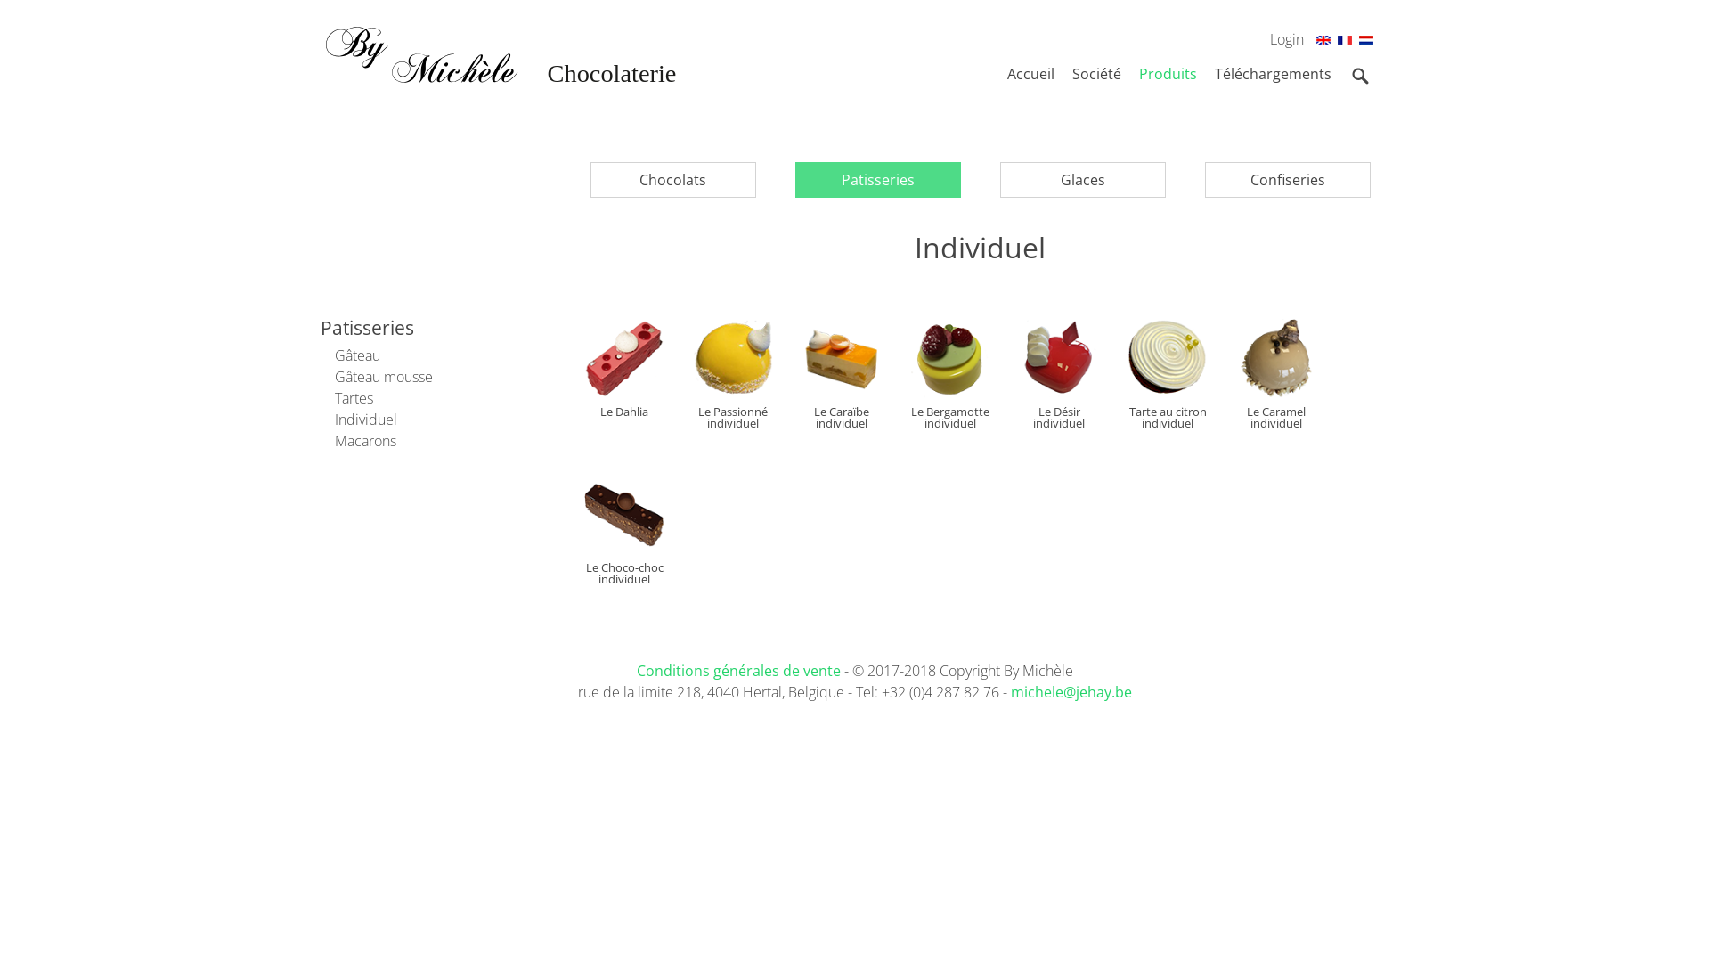 This screenshot has width=1710, height=962. I want to click on 'Produits', so click(1168, 73).